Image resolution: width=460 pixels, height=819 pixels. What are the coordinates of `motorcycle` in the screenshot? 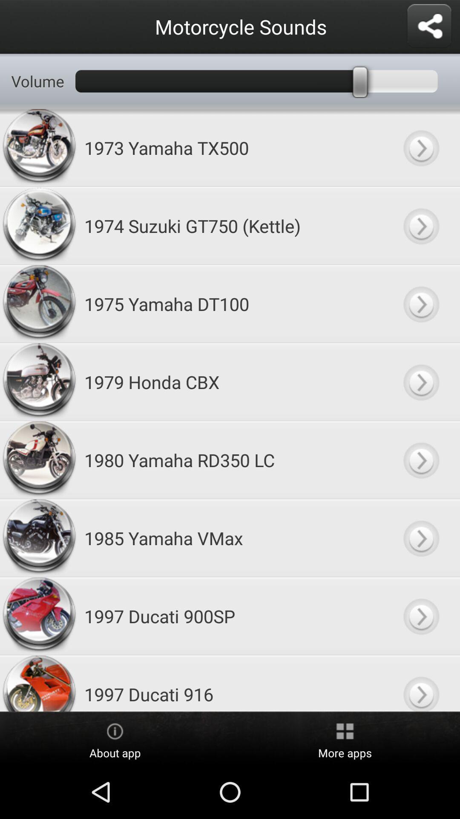 It's located at (420, 226).